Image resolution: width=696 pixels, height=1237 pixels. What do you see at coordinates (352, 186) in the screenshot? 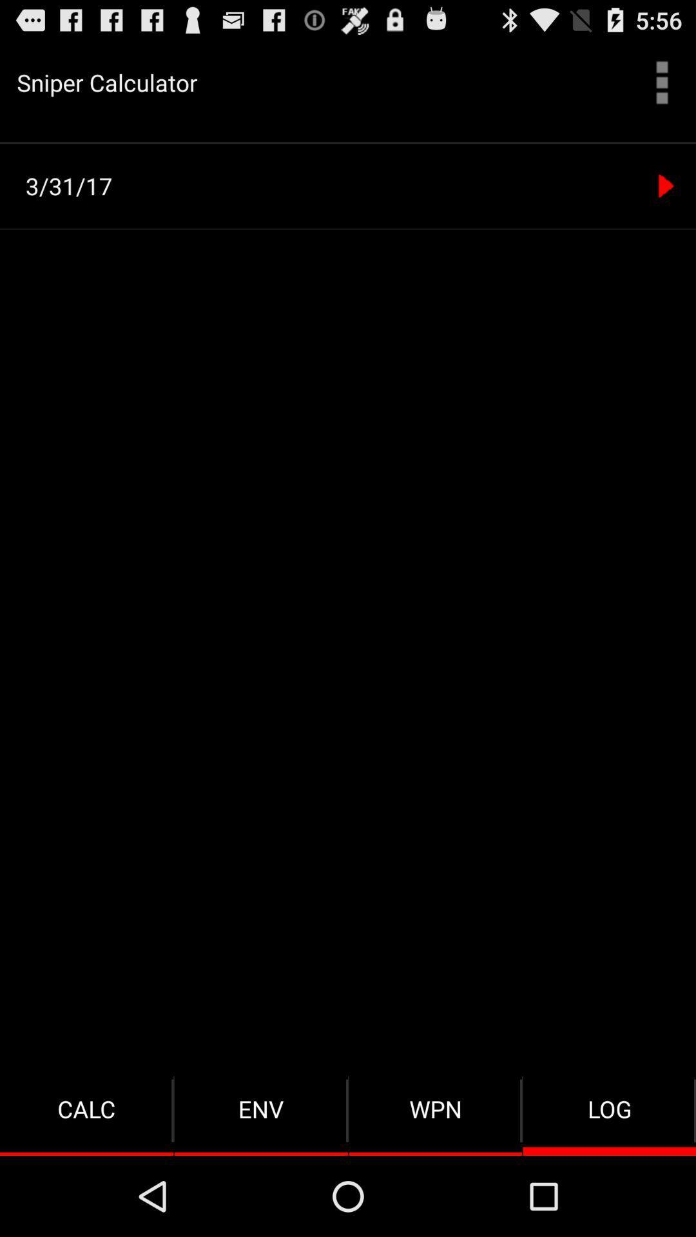
I see `the 3/31/17 item` at bounding box center [352, 186].